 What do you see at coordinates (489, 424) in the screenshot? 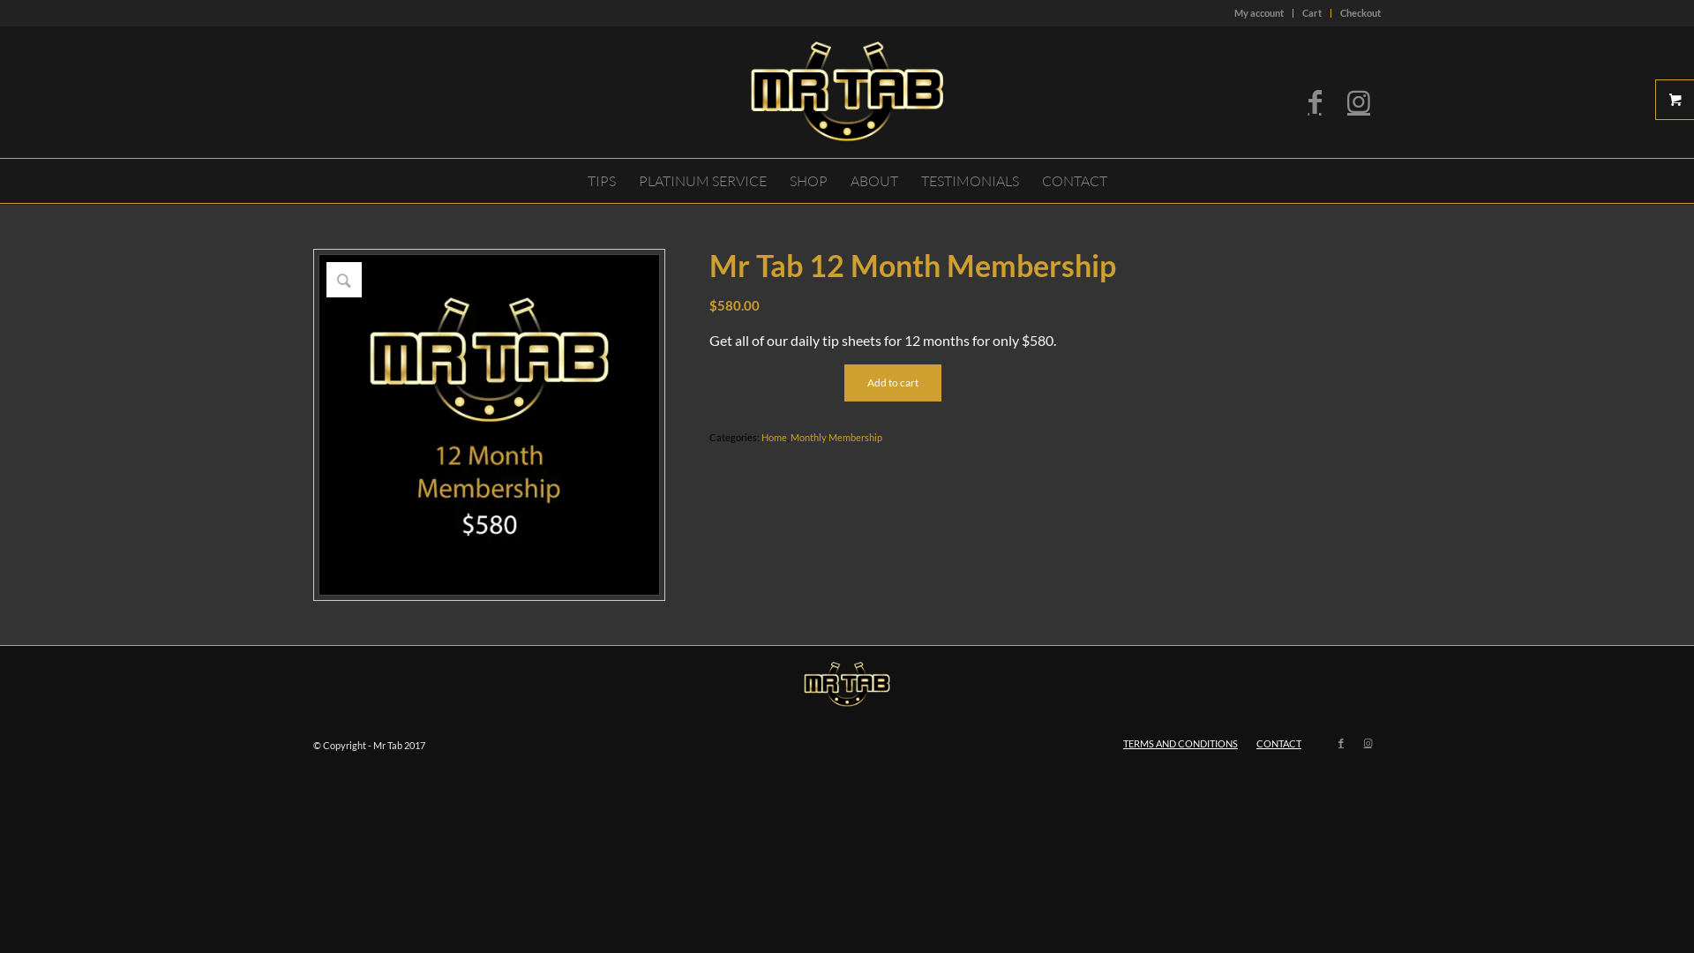
I see `'12monthnew'` at bounding box center [489, 424].